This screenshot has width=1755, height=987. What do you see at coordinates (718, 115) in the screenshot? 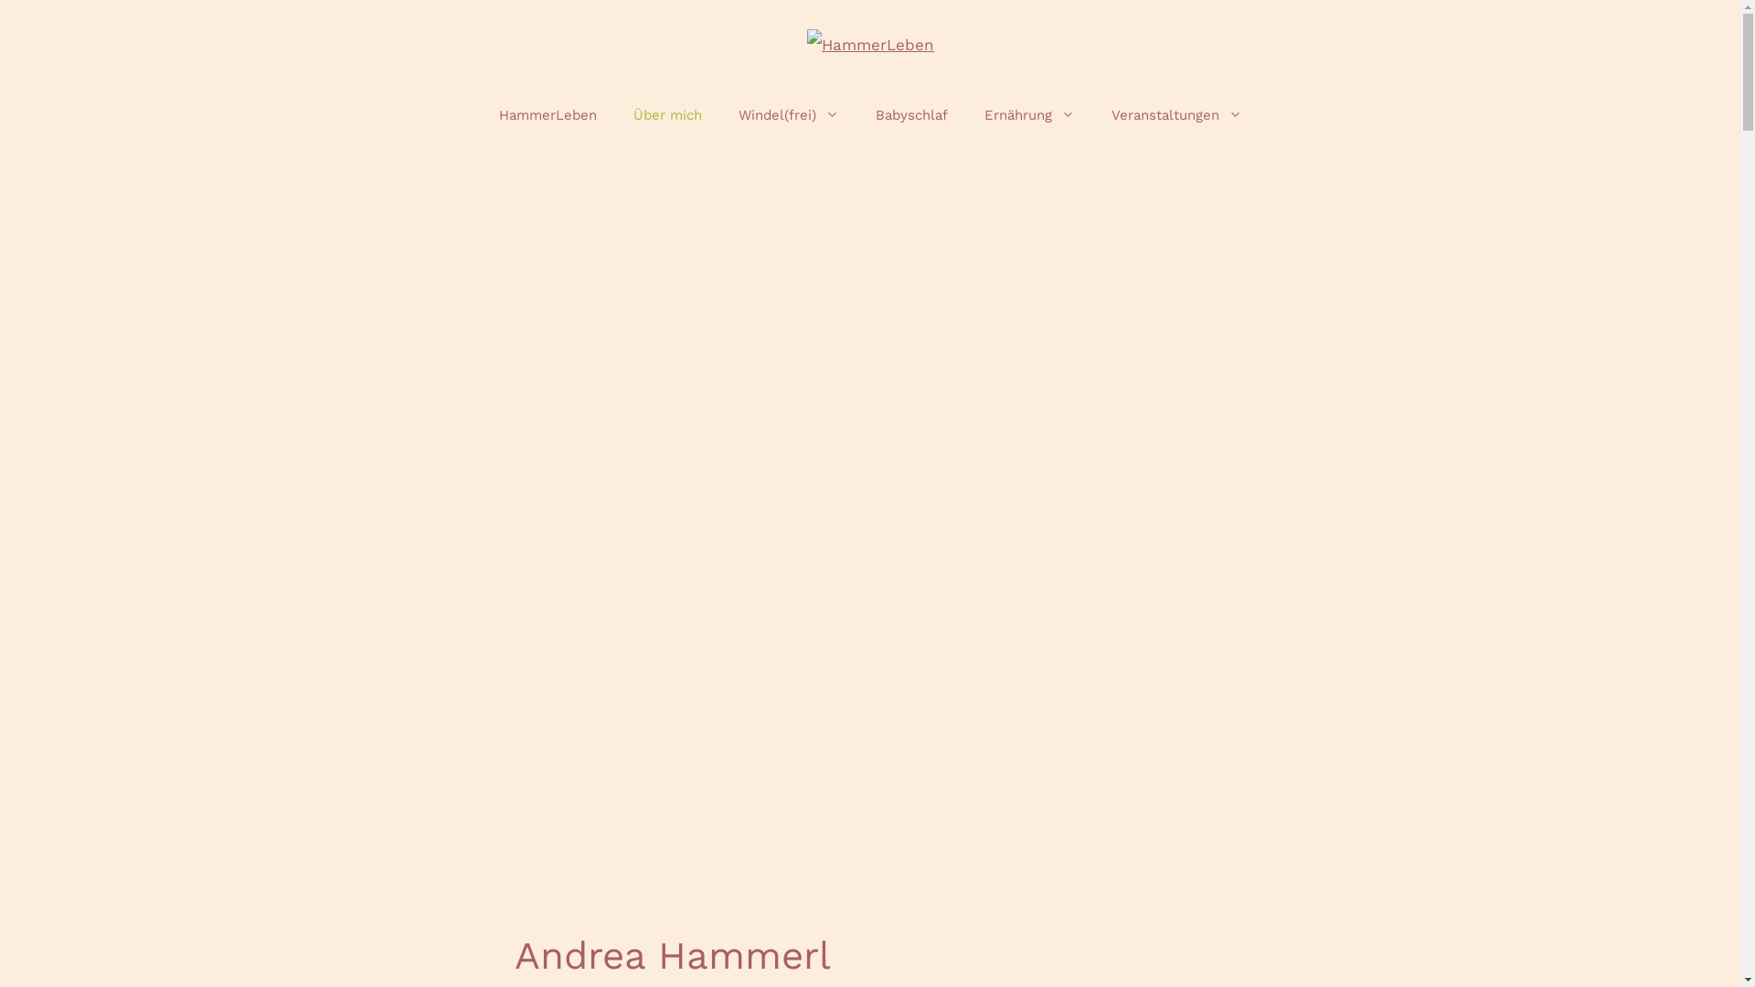
I see `'Windel(frei)'` at bounding box center [718, 115].